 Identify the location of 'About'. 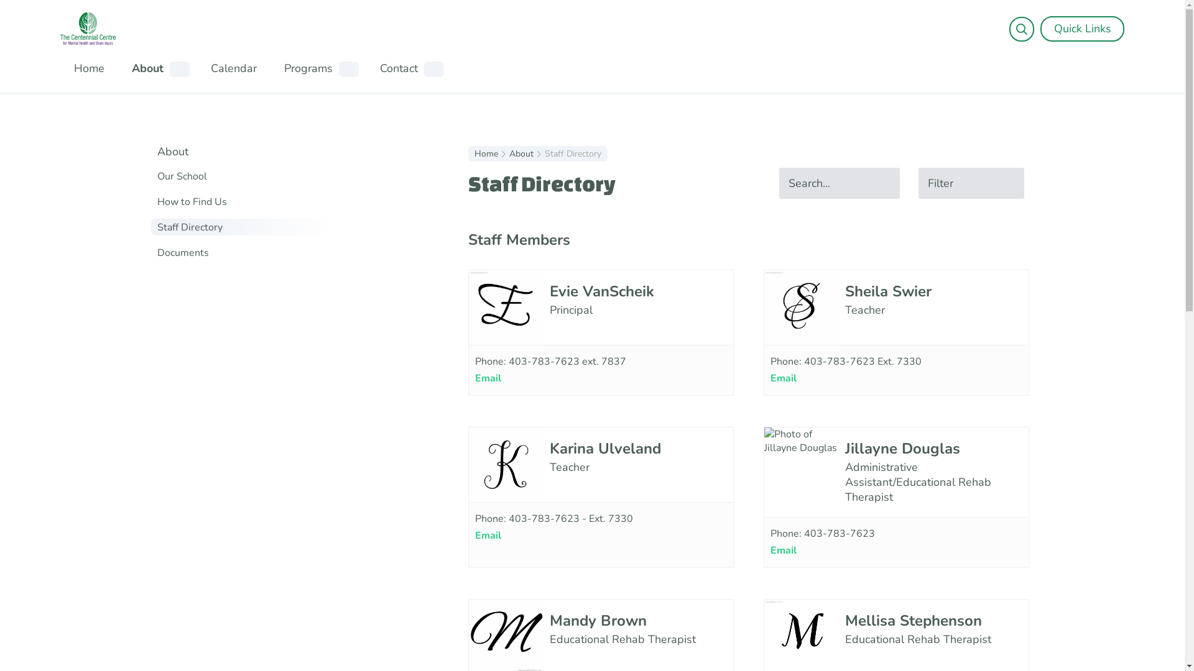
(508, 153).